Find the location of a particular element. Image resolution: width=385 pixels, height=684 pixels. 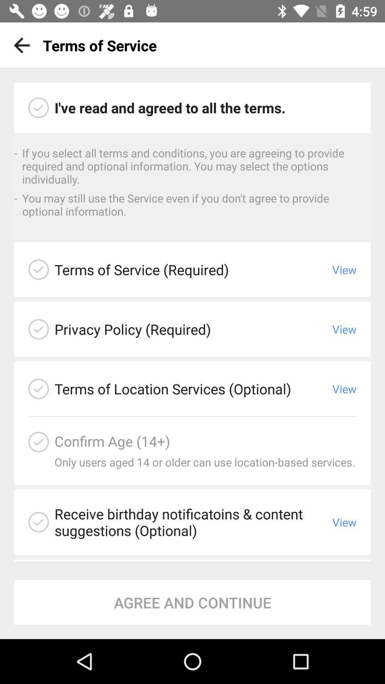

icon to the left of the terms of service app is located at coordinates (19, 45).